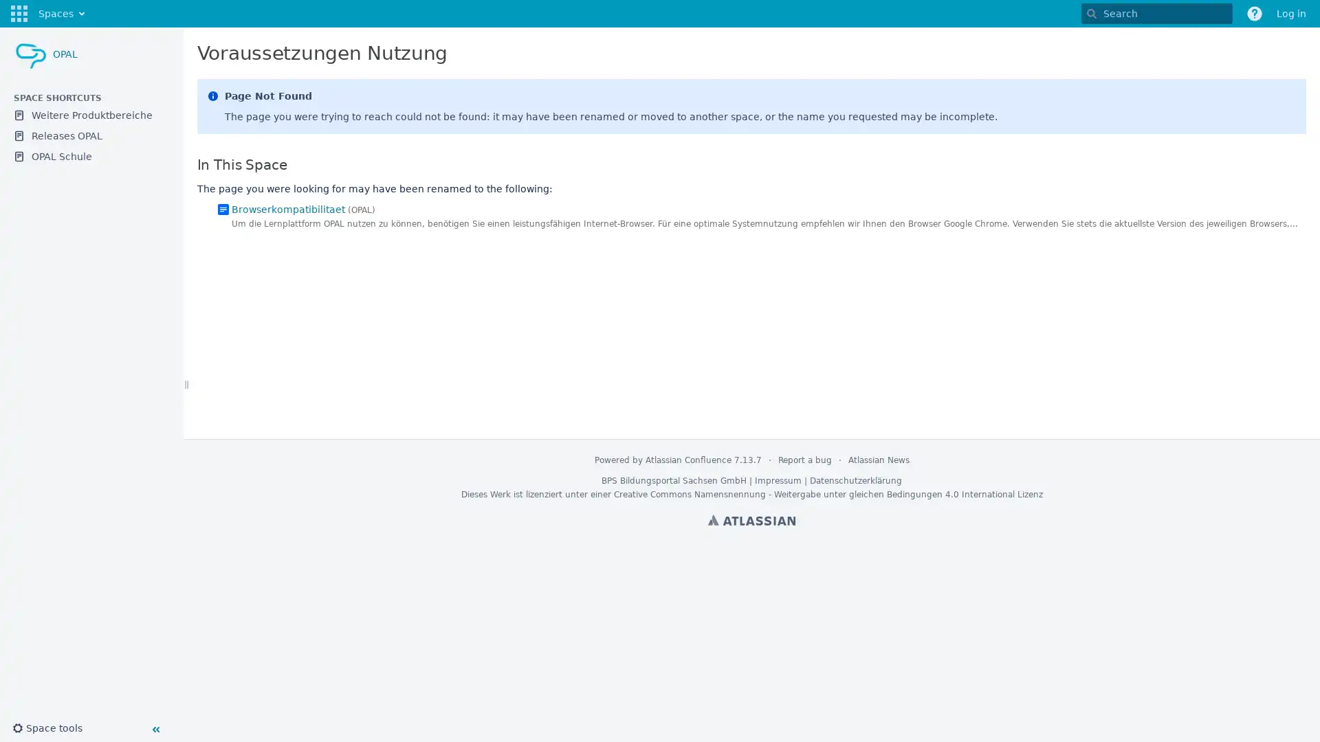 The image size is (1320, 742). I want to click on Collapse sidebar ( [ ), so click(155, 728).